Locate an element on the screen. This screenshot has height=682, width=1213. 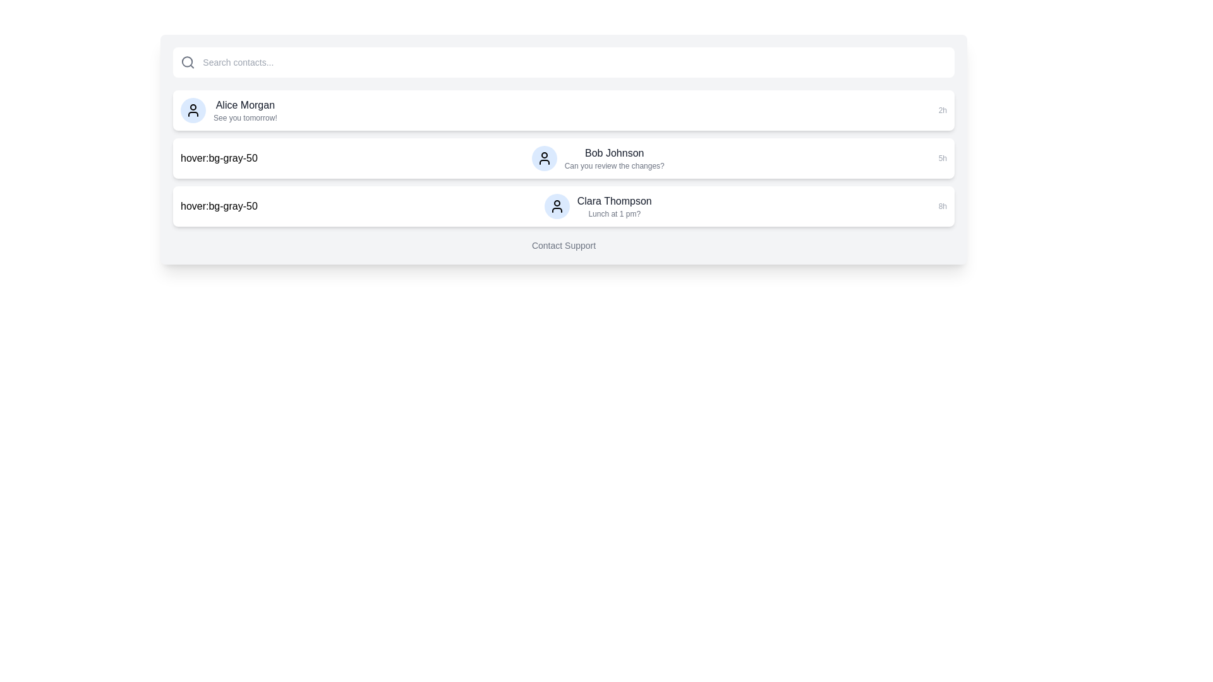
supplementary information text located directly below the title 'Bob Johnson' in the second entry of the vertical list is located at coordinates (614, 165).